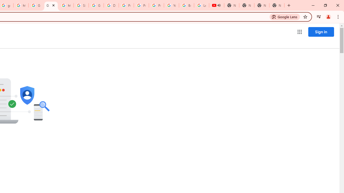  I want to click on 'Privacy Help Center - Policies Help', so click(126, 5).